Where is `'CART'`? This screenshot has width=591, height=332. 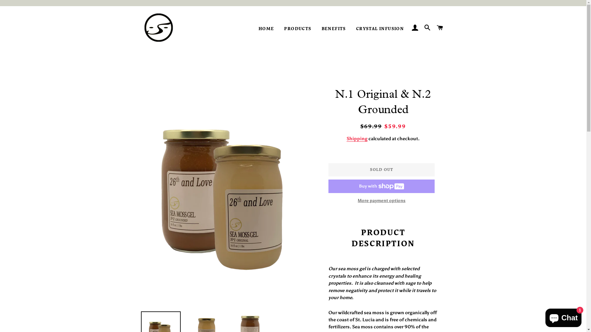
'CART' is located at coordinates (440, 28).